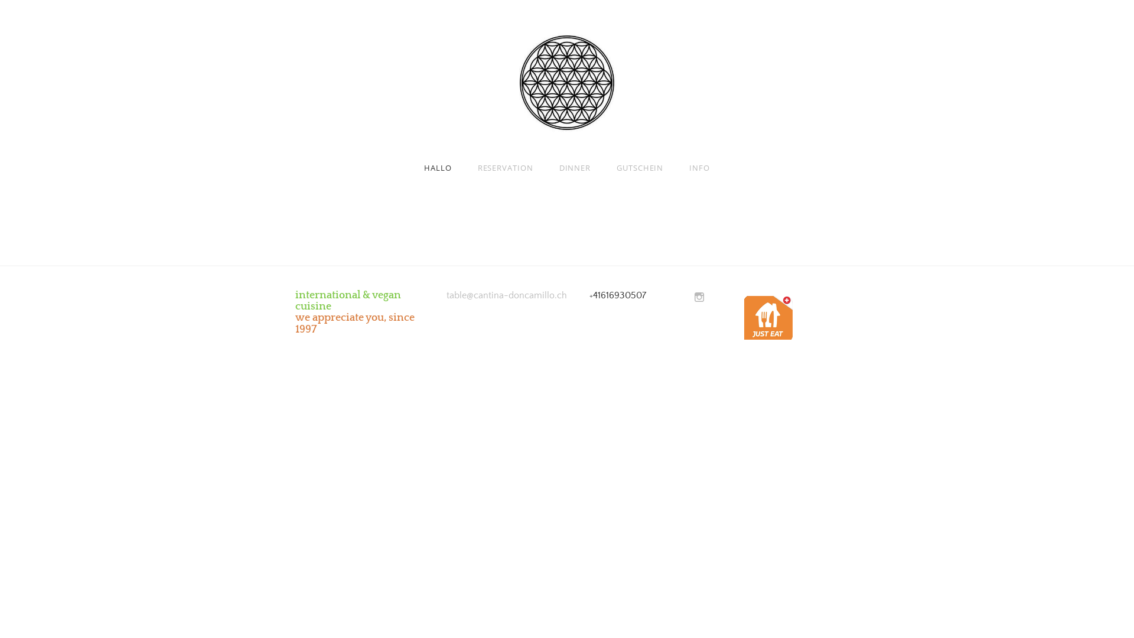 The image size is (1134, 638). I want to click on 'GUTSCHEIN', so click(639, 168).